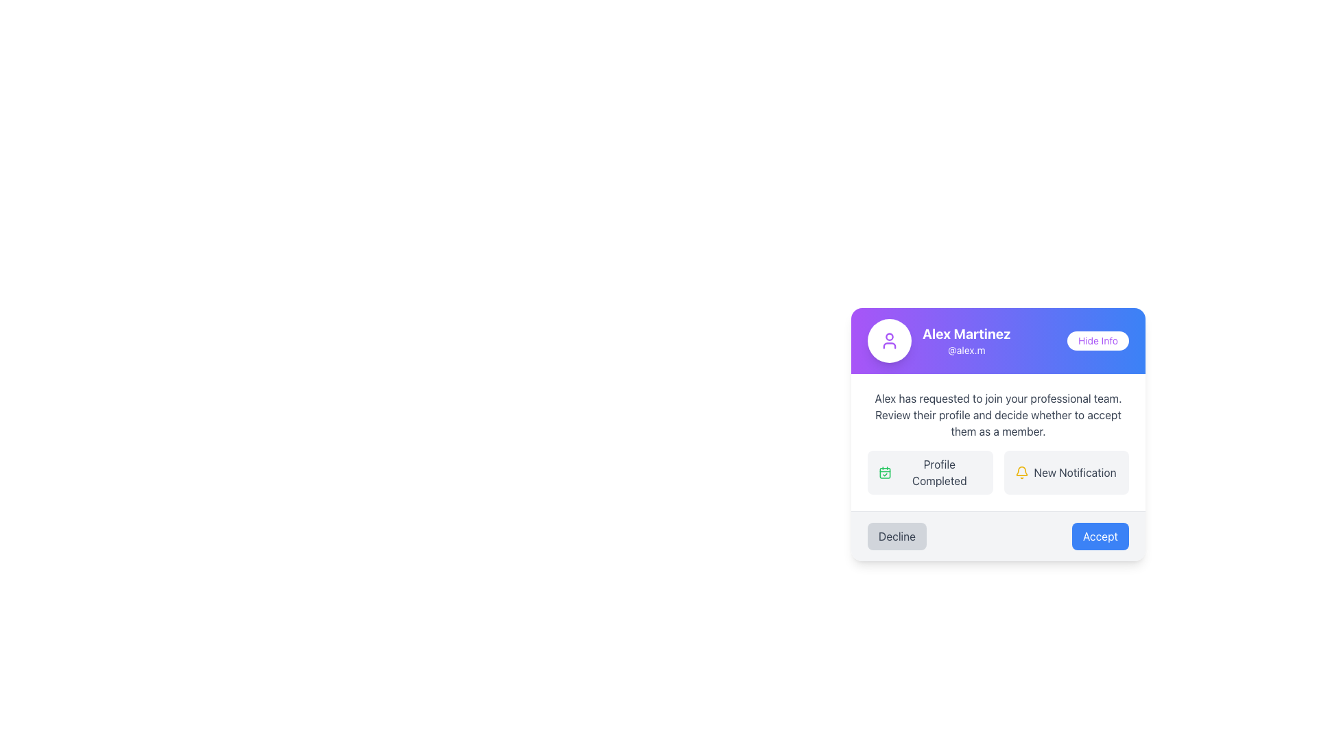 This screenshot has width=1317, height=741. Describe the element at coordinates (889, 336) in the screenshot. I see `the circular representation within the user profile avatar icon located in the header area of the user card, which displays a name and username with a purple background` at that location.